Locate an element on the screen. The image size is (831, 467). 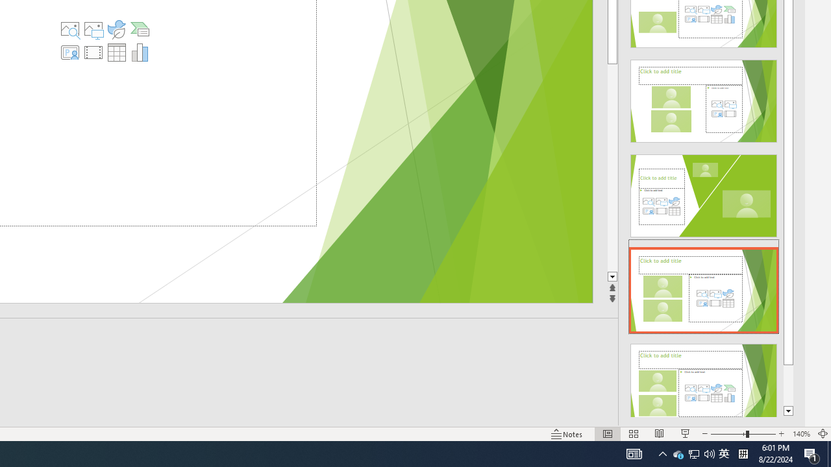
'Zoom 140%' is located at coordinates (800, 434).